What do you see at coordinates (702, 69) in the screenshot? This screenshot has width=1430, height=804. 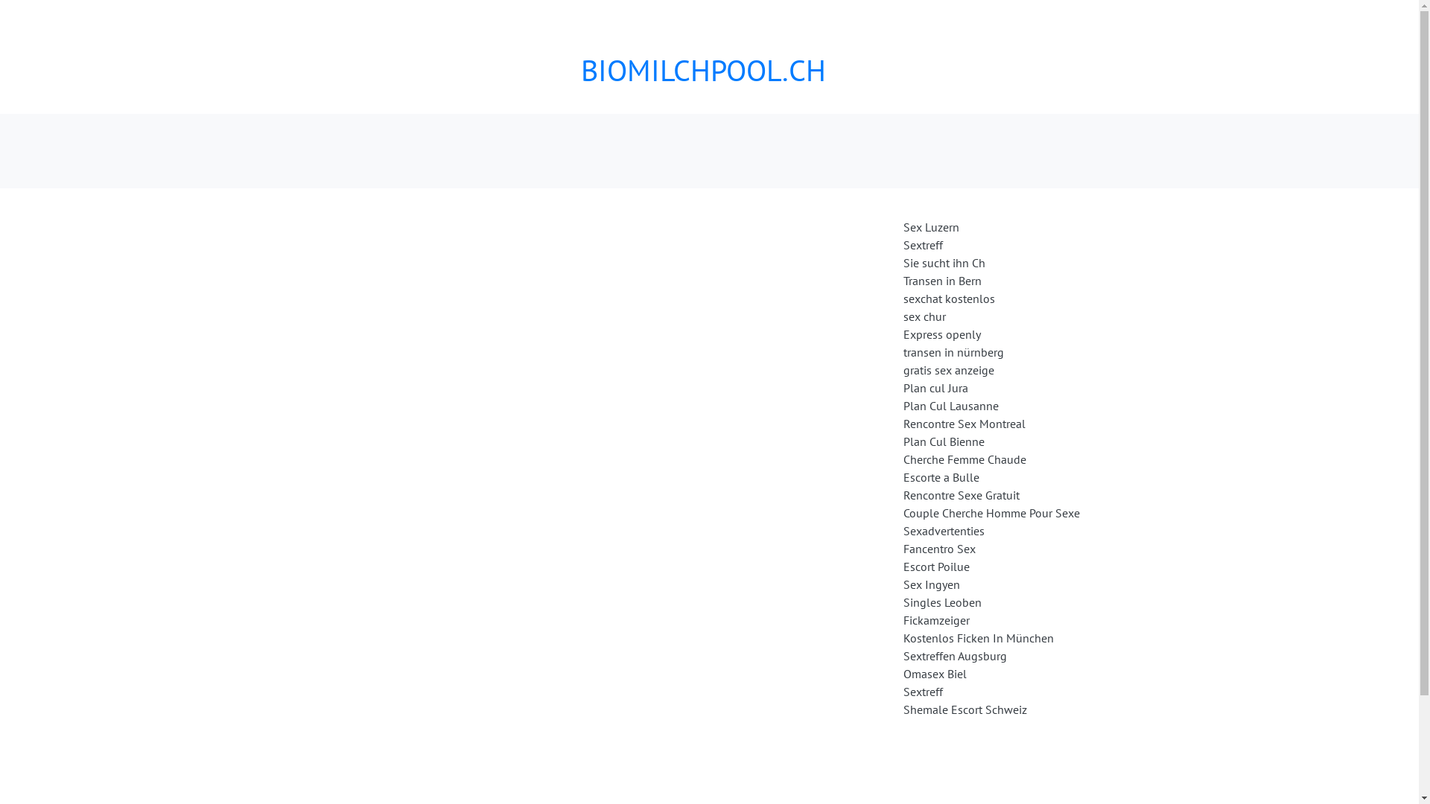 I see `'BIOMILCHPOOL.CH'` at bounding box center [702, 69].